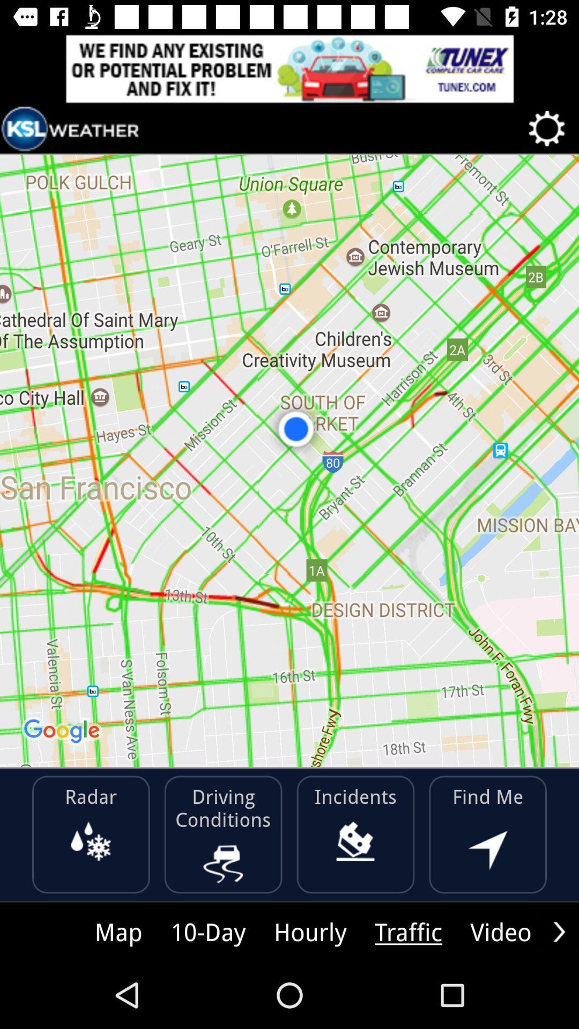 The image size is (579, 1029). What do you see at coordinates (559, 931) in the screenshot?
I see `the rest of the options` at bounding box center [559, 931].